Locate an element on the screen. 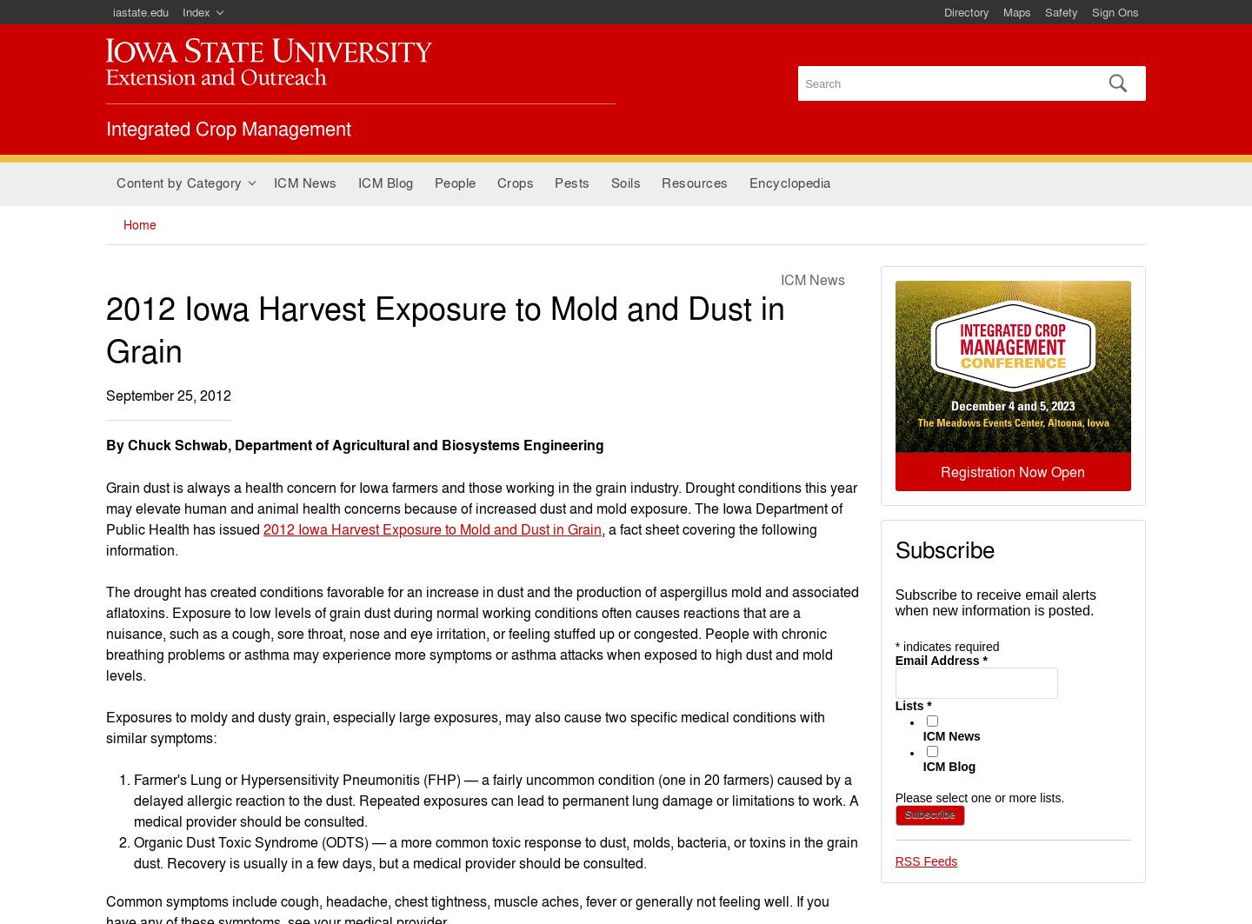 The height and width of the screenshot is (924, 1252). 'Grain dust is always a health concern for Iowa farmers and those working in the grain industry. Drought conditions this year may elevate human and animal health concerns because of increased dust and mold exposure. The Iowa Department of Public Health has issued' is located at coordinates (104, 507).